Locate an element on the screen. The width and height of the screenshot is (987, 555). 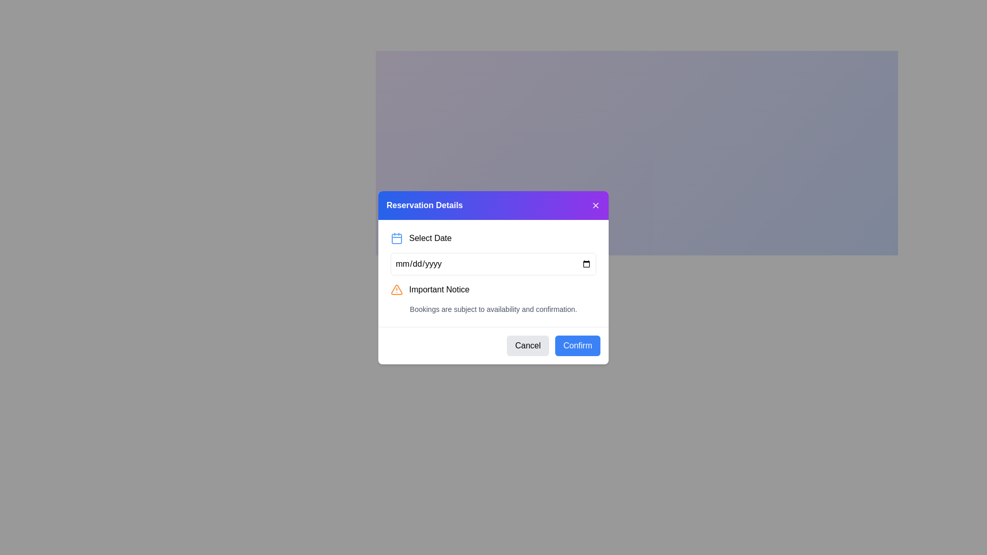
the 'Important Notice' text label displayed prominently in black color, located in the middle of the modal dialog box, to check for additional information is located at coordinates (439, 289).